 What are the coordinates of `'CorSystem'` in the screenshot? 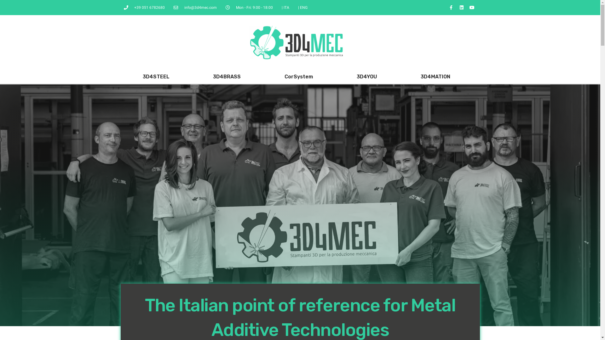 It's located at (298, 76).